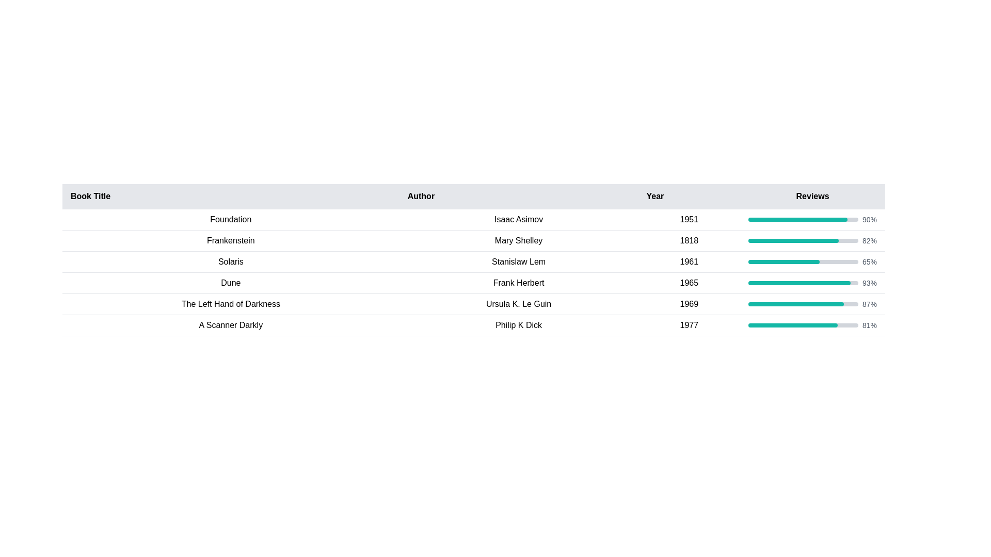 The image size is (991, 557). I want to click on the horizontal progress bar that is styled with a rounded structure, featuring a light gray background and a teal-filled portion indicating 87% completion, so click(803, 304).